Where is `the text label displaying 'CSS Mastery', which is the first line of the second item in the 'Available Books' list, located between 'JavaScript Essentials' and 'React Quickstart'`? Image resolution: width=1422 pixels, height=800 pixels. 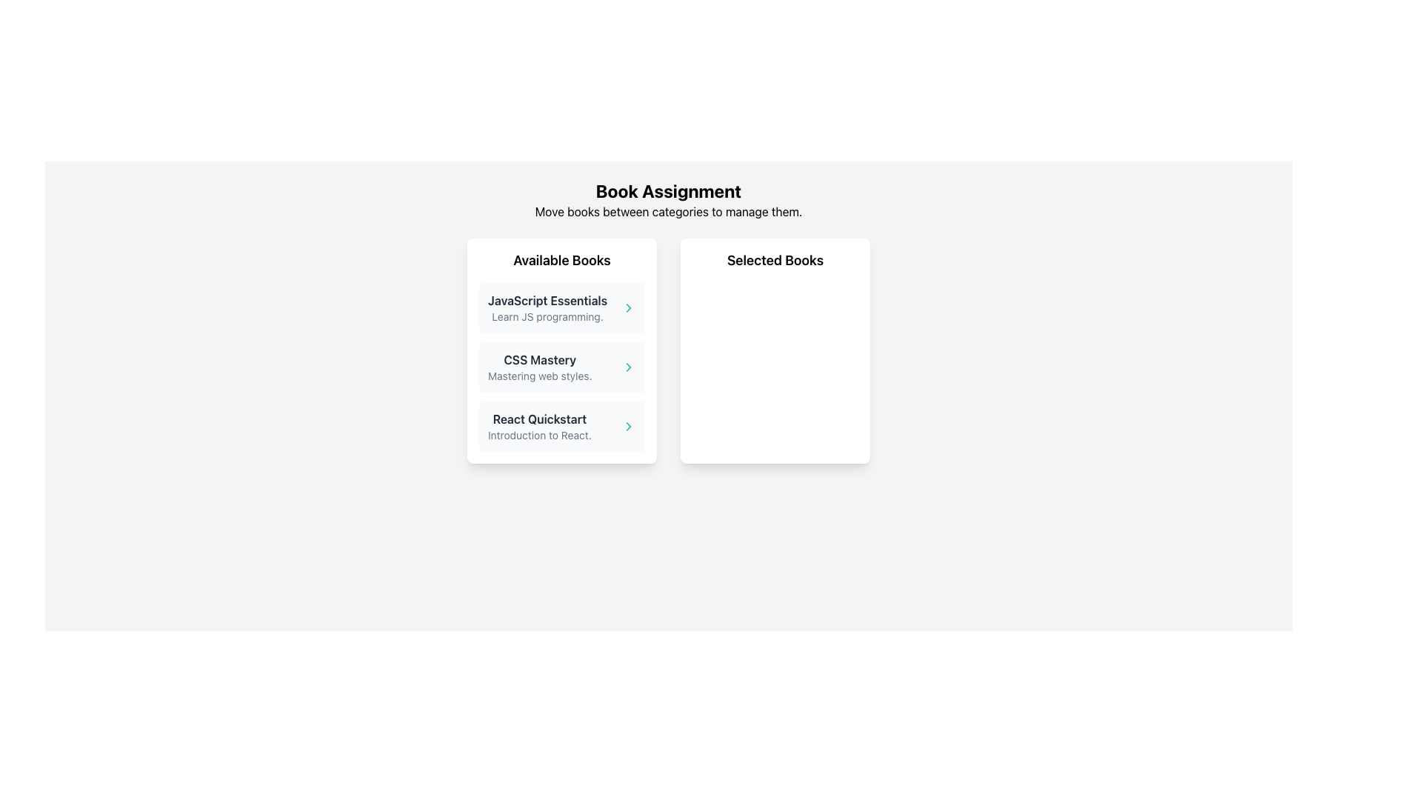
the text label displaying 'CSS Mastery', which is the first line of the second item in the 'Available Books' list, located between 'JavaScript Essentials' and 'React Quickstart' is located at coordinates (539, 360).